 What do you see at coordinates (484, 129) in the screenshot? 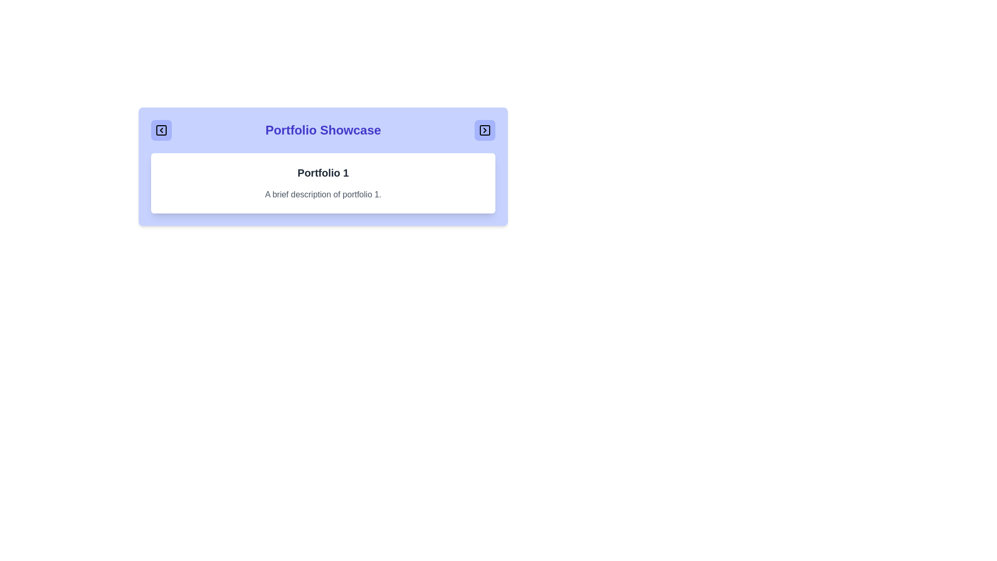
I see `the icon within the navigation button located in the top-right corner of the 'Portfolio Showcase' card` at bounding box center [484, 129].